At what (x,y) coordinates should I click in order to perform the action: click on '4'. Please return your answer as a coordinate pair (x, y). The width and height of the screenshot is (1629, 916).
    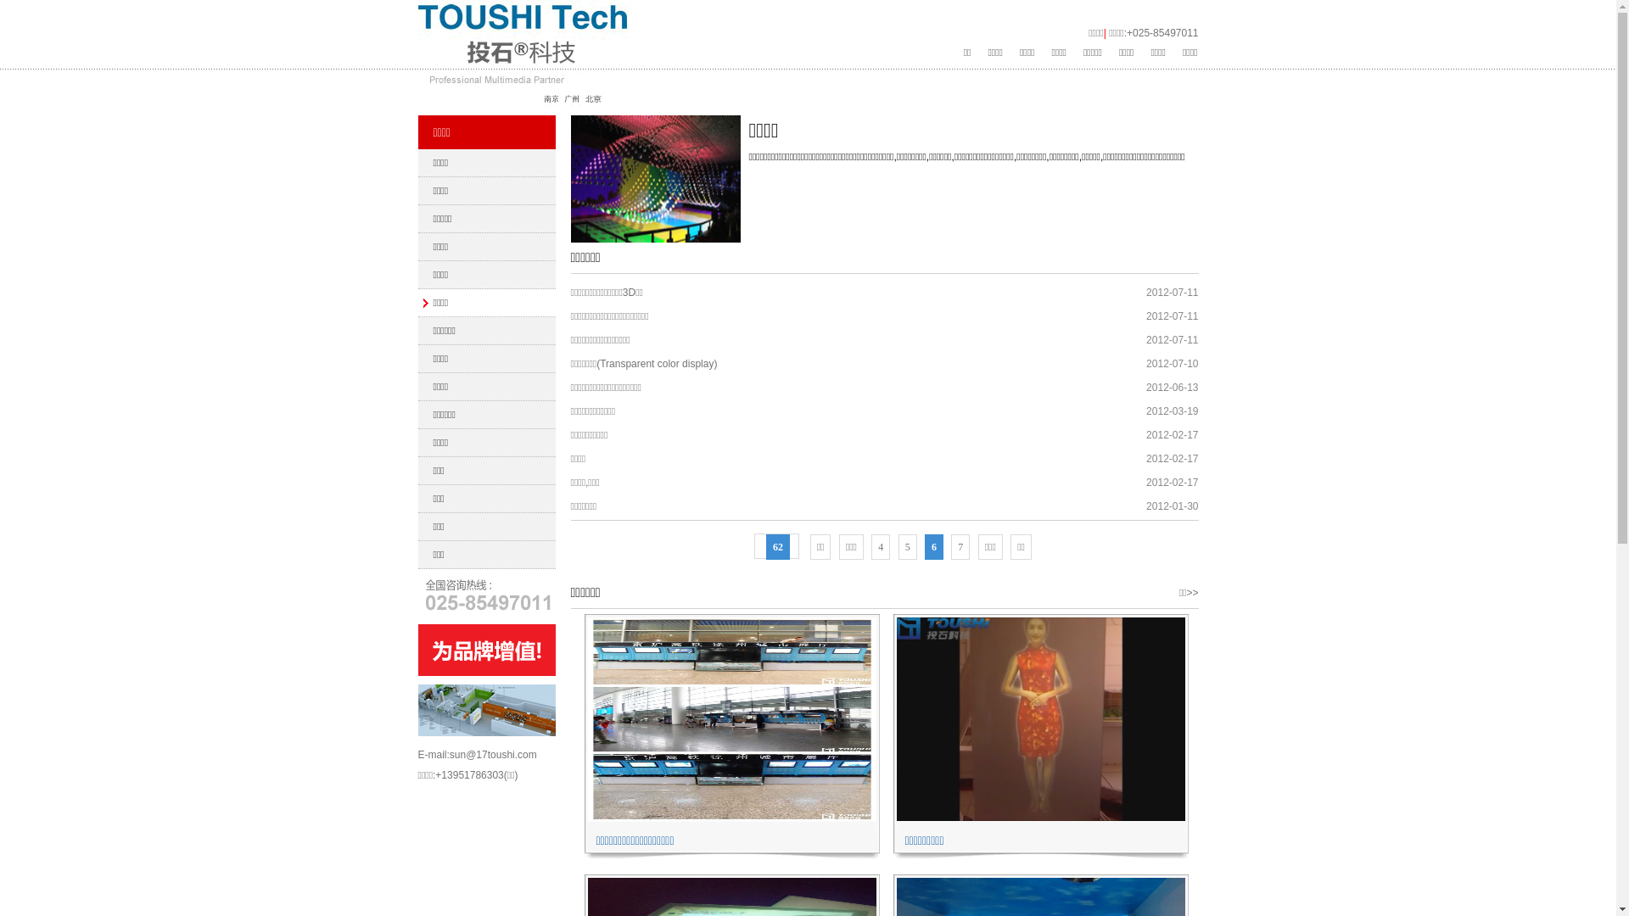
    Looking at the image, I should click on (880, 546).